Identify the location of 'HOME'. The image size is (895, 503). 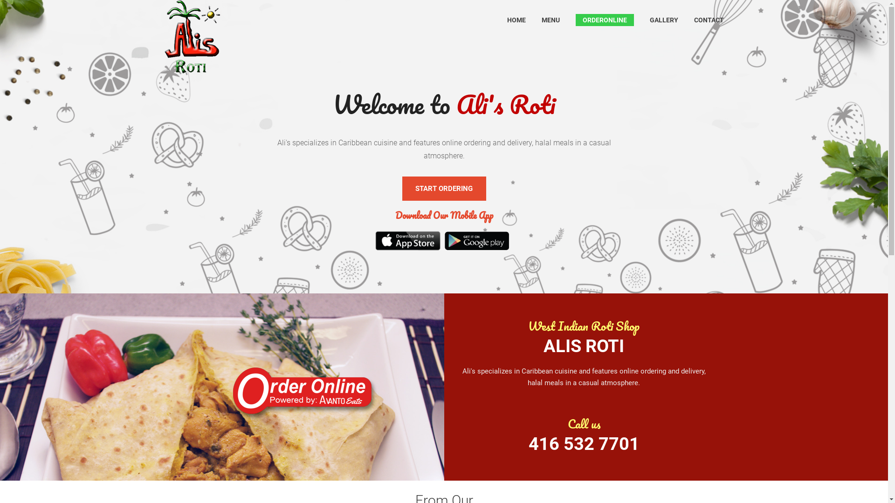
(507, 20).